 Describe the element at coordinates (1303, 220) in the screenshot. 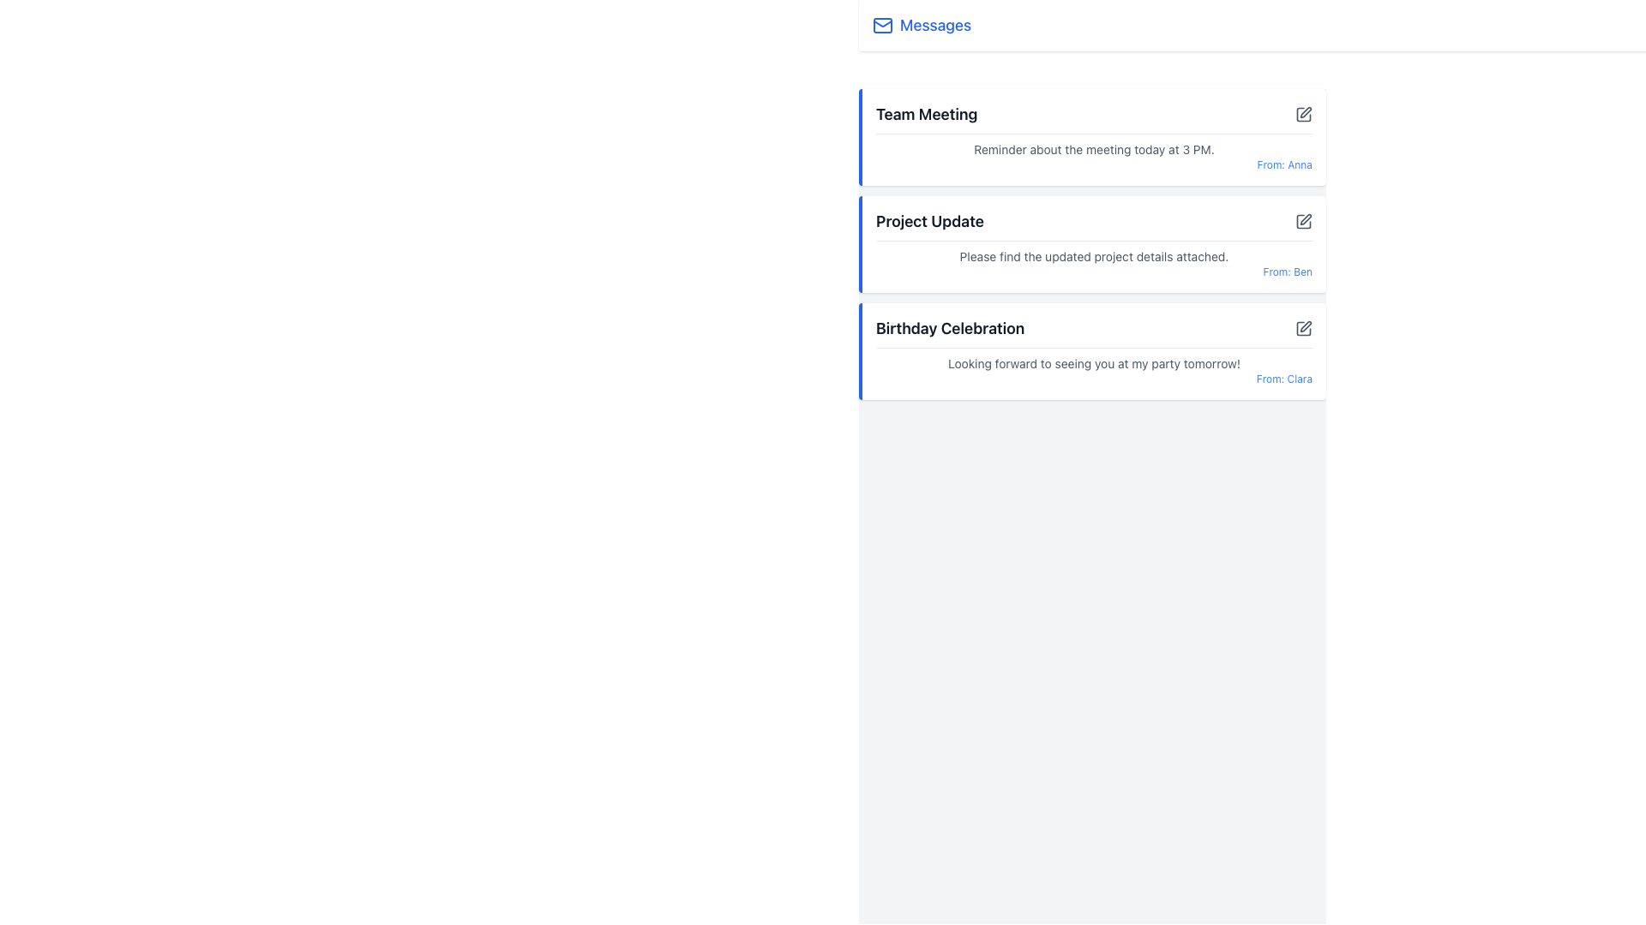

I see `the outer square of the pen-and-square icon located in the second message card titled 'Project Update'` at that location.